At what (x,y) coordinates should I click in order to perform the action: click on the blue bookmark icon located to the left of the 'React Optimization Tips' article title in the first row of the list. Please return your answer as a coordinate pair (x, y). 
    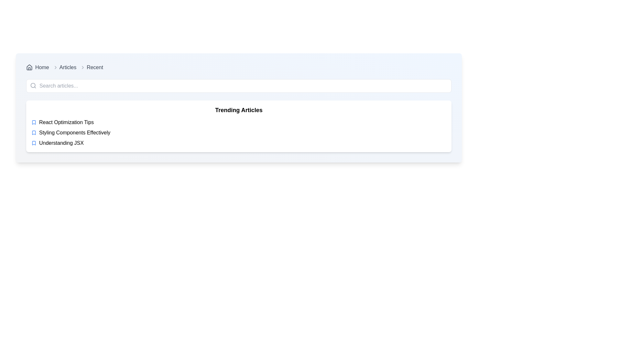
    Looking at the image, I should click on (34, 122).